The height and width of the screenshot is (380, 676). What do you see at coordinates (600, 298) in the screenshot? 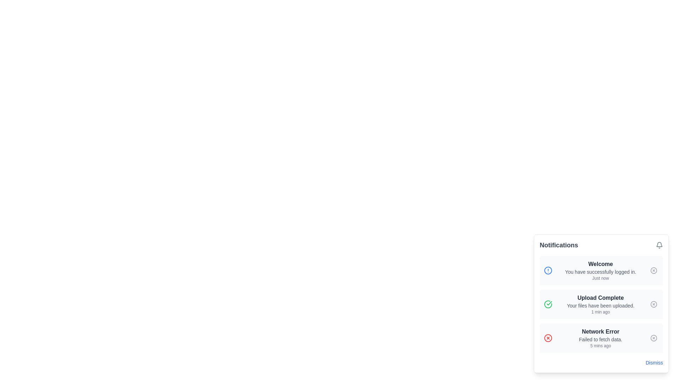
I see `the Text Label that indicates the successful completion of a file upload process, which is located at the top of the second notification card in the notification list` at bounding box center [600, 298].